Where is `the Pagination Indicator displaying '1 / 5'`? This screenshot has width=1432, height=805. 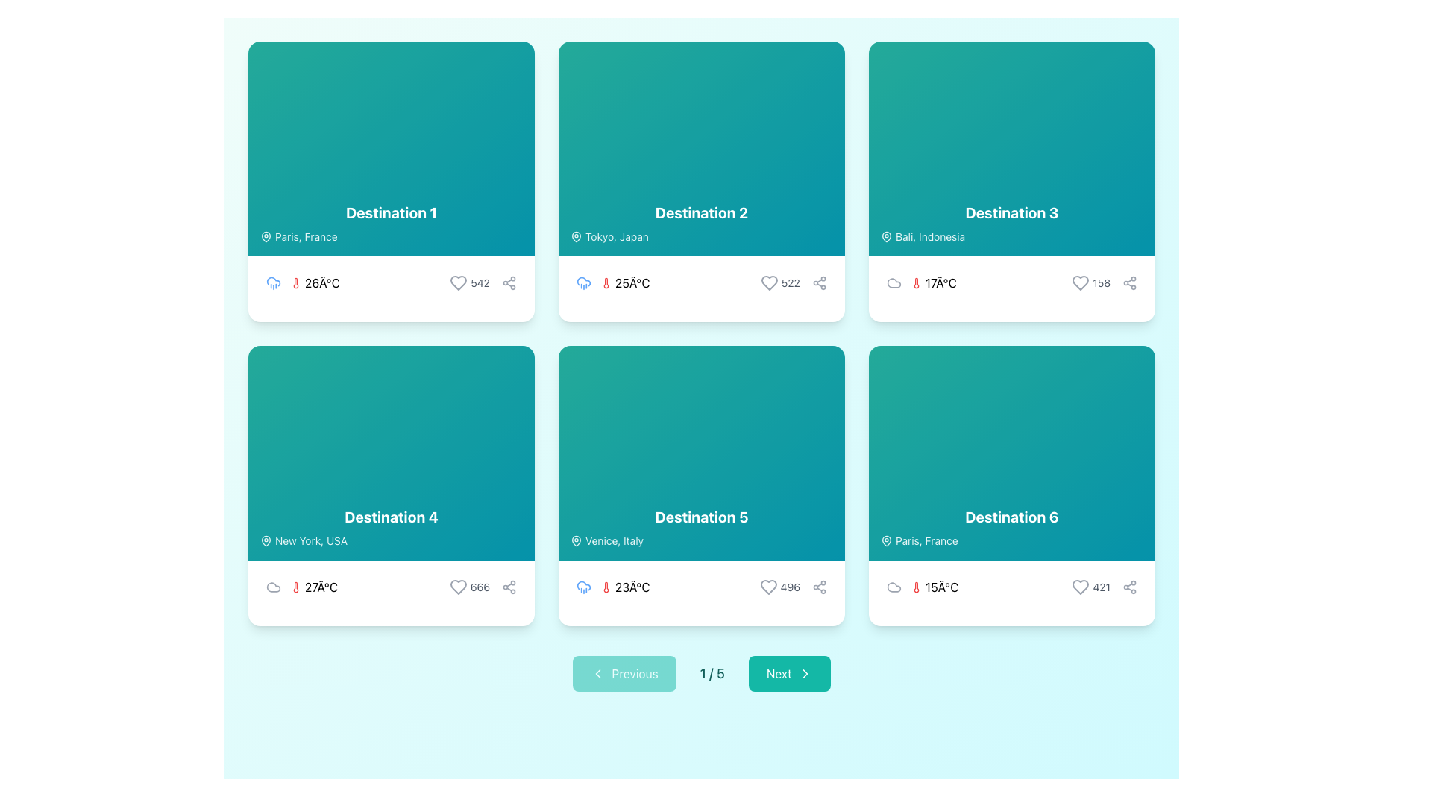
the Pagination Indicator displaying '1 / 5' is located at coordinates (700, 673).